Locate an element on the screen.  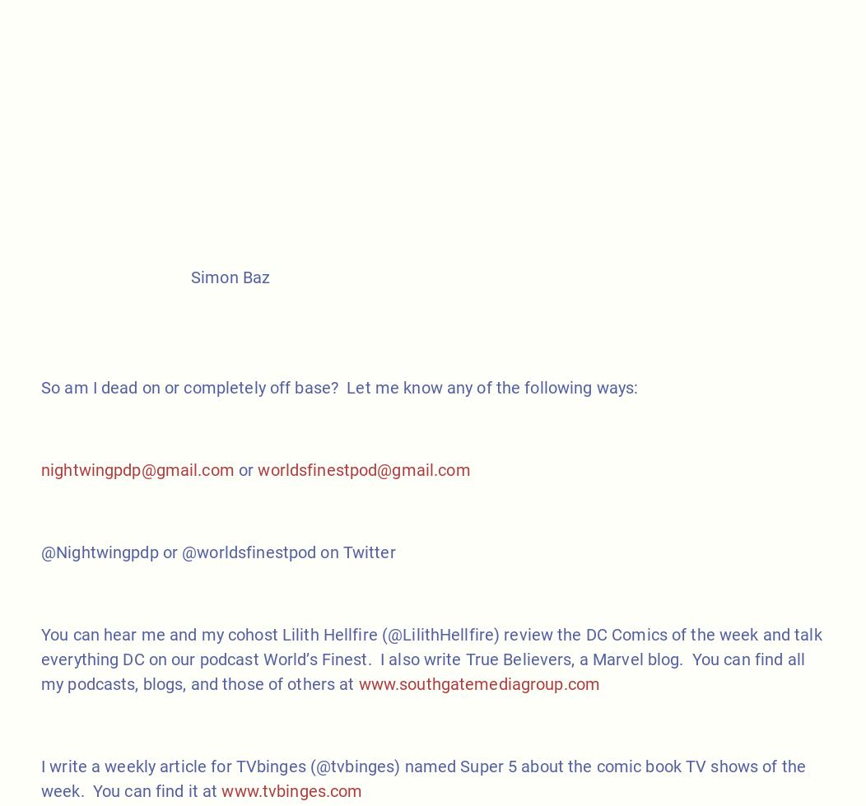
'I write a weekly article for TVbinges (@tvbinges) named Super 5 about the comic book TV shows of the week.  You can find it at' is located at coordinates (422, 777).